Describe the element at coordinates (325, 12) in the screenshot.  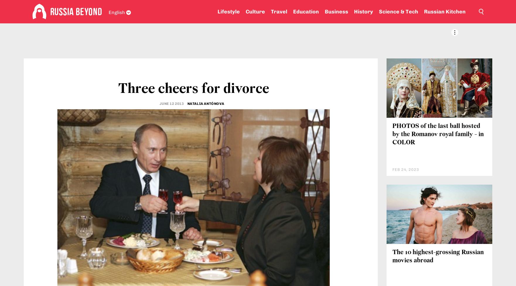
I see `'Business'` at that location.